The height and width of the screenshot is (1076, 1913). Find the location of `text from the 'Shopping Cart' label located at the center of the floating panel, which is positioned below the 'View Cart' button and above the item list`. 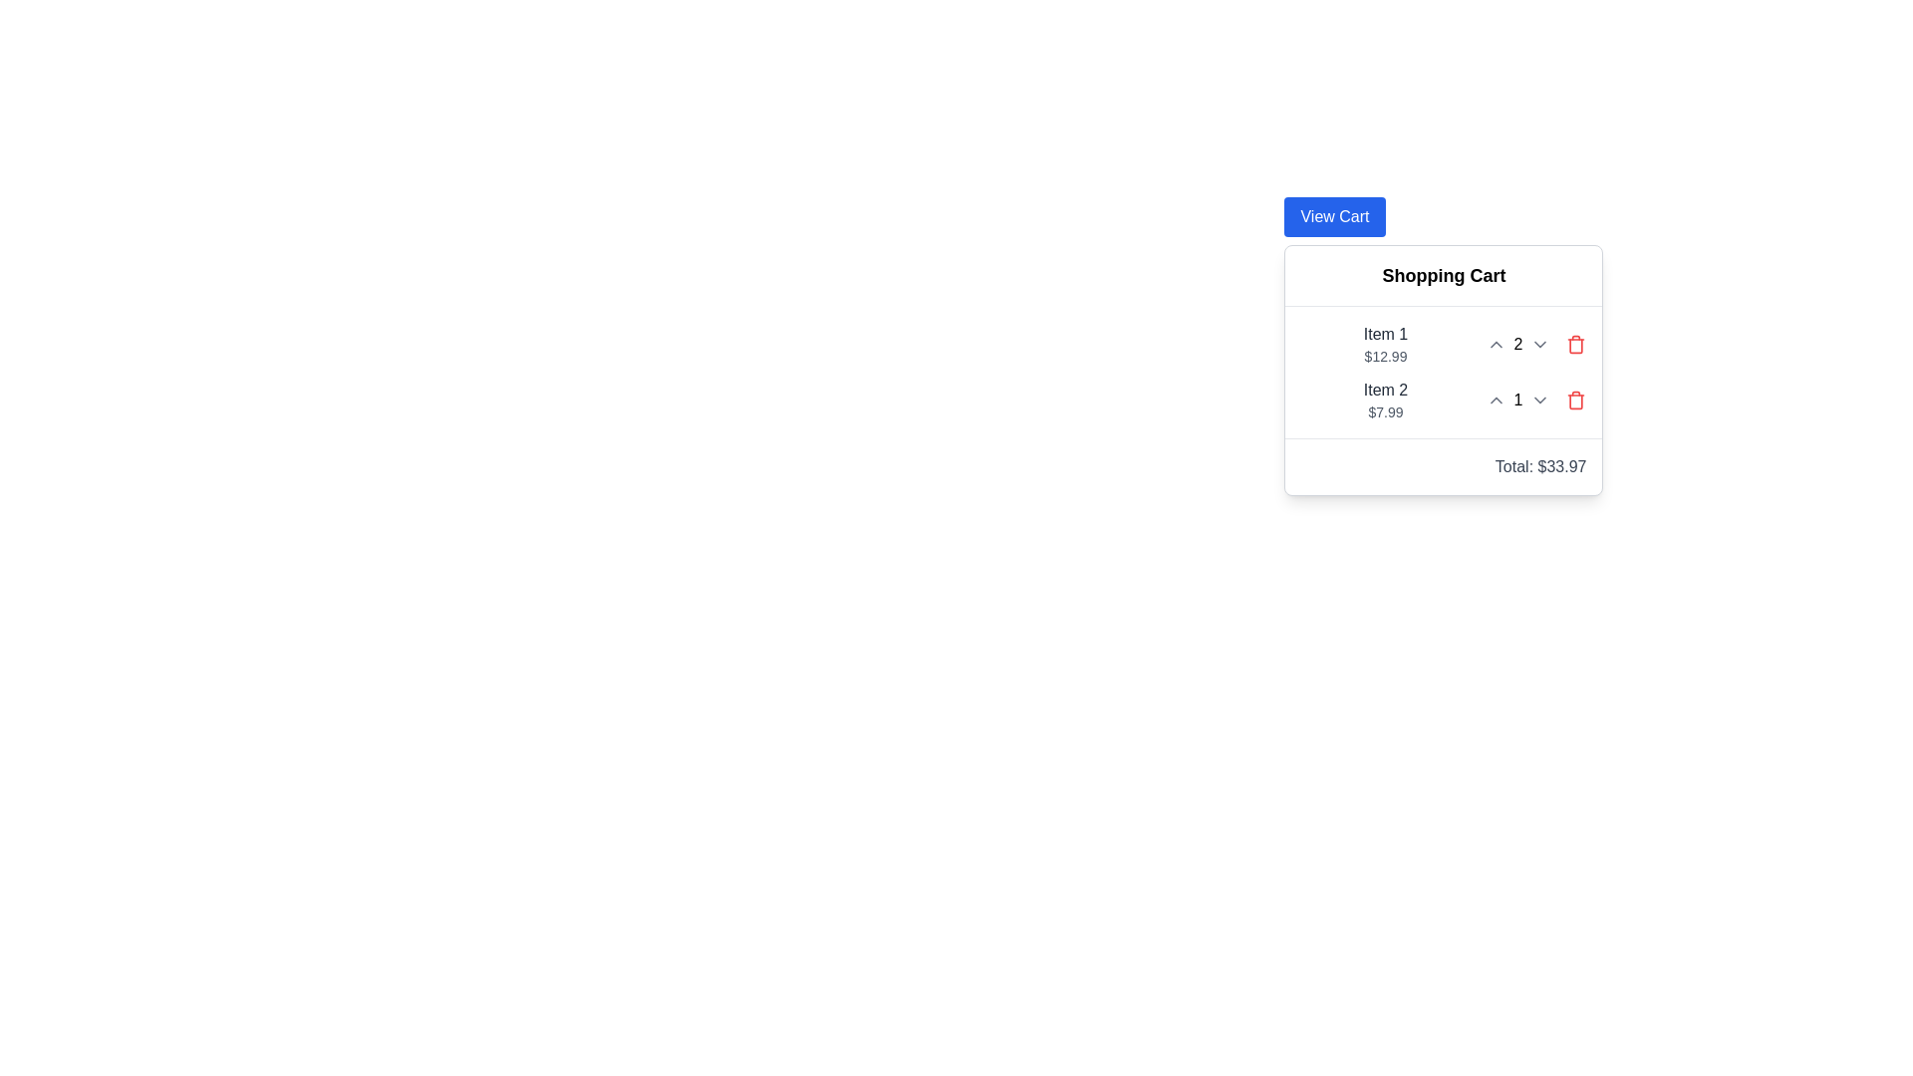

text from the 'Shopping Cart' label located at the center of the floating panel, which is positioned below the 'View Cart' button and above the item list is located at coordinates (1444, 276).